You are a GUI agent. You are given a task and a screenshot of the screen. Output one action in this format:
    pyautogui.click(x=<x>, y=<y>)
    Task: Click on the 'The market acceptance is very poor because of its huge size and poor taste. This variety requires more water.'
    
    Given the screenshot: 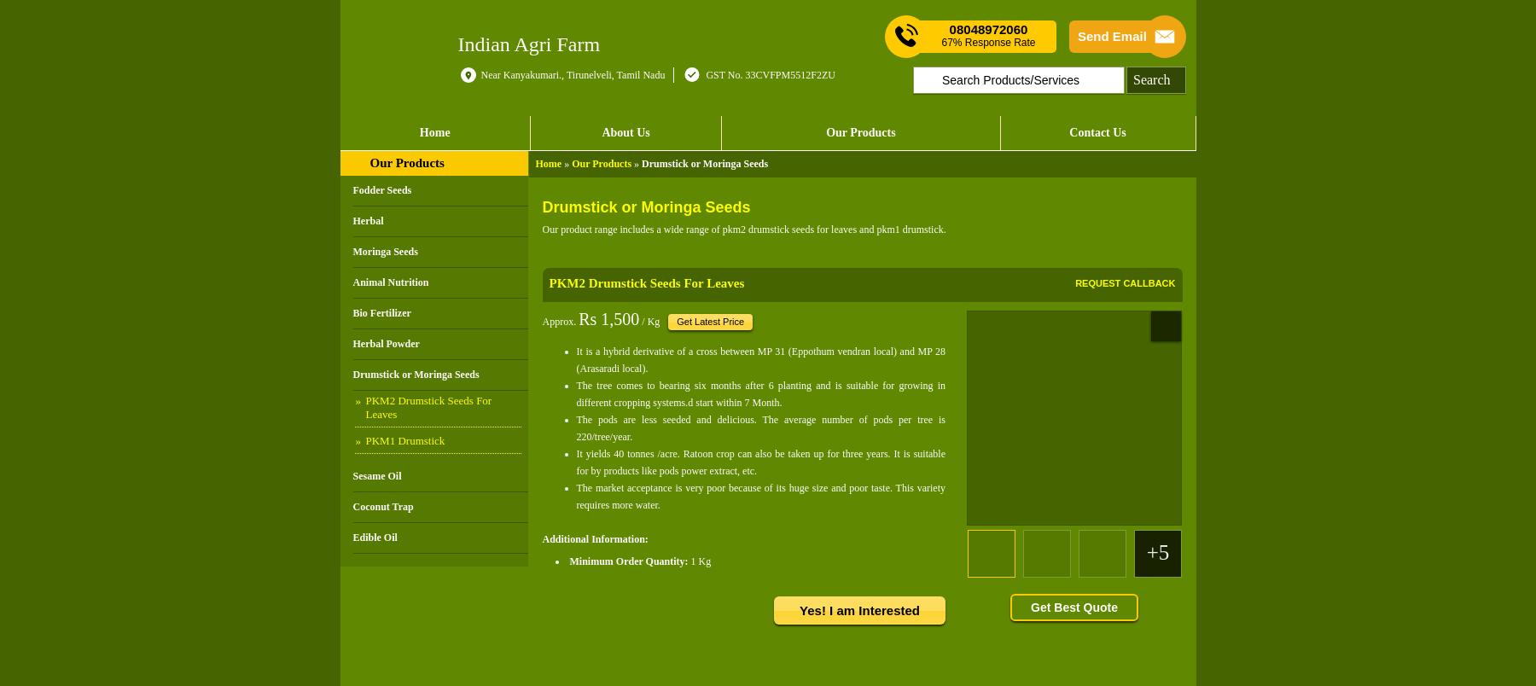 What is the action you would take?
    pyautogui.click(x=760, y=496)
    